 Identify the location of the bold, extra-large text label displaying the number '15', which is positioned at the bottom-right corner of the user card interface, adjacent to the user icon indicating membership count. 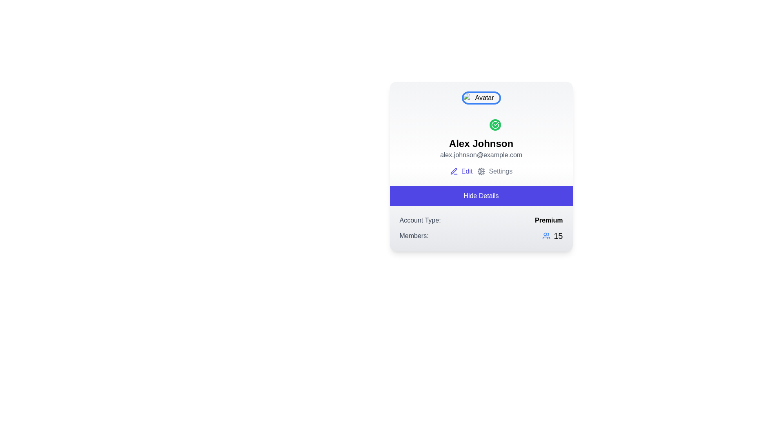
(558, 236).